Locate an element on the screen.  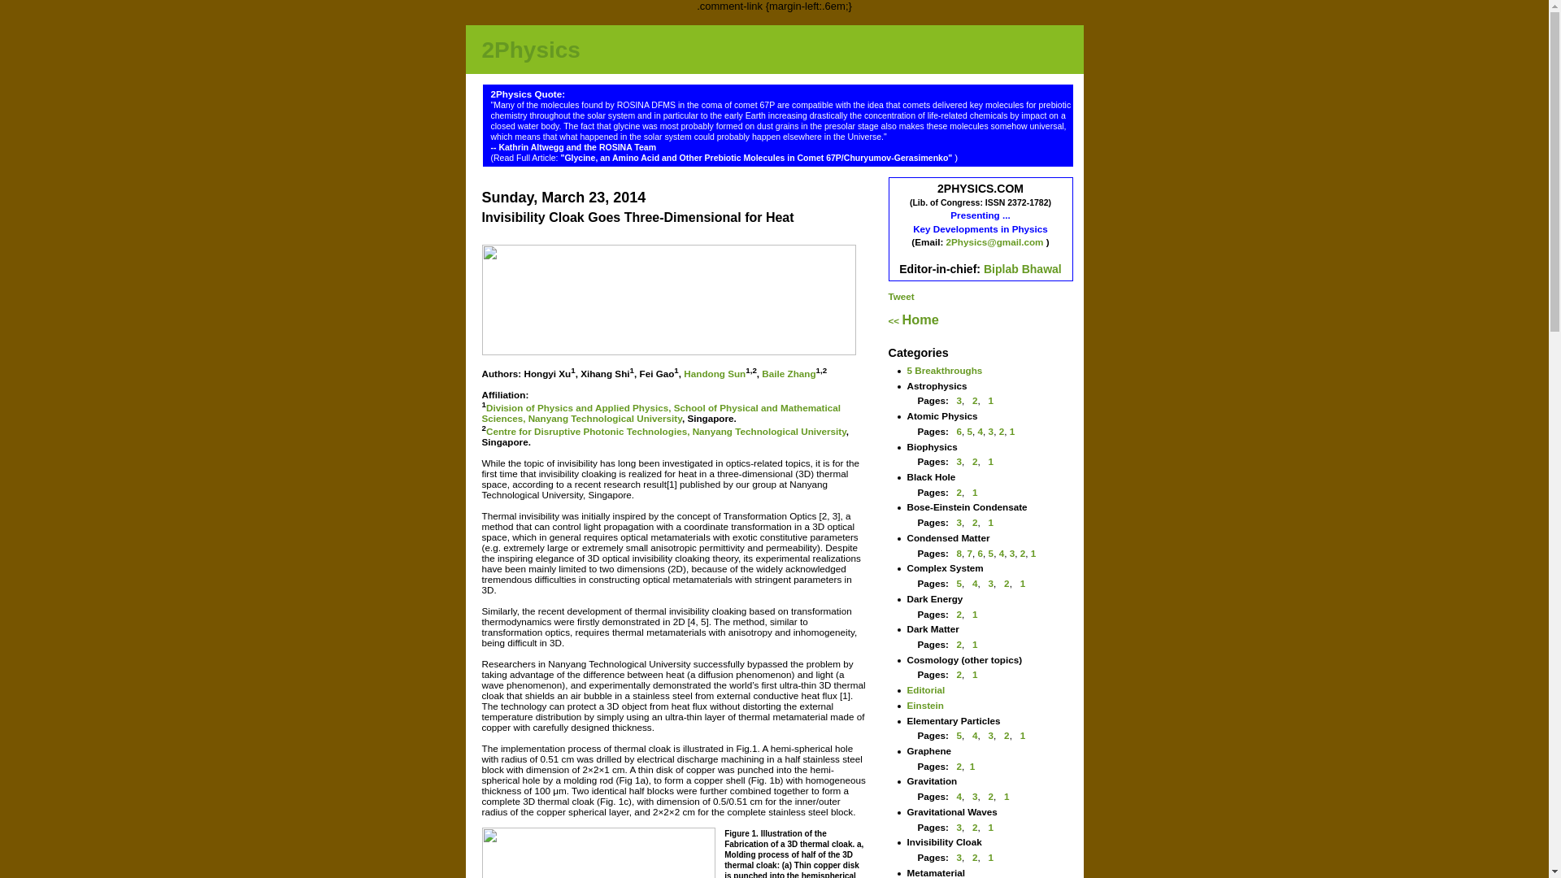
'Biplab Bhawal' is located at coordinates (982, 268).